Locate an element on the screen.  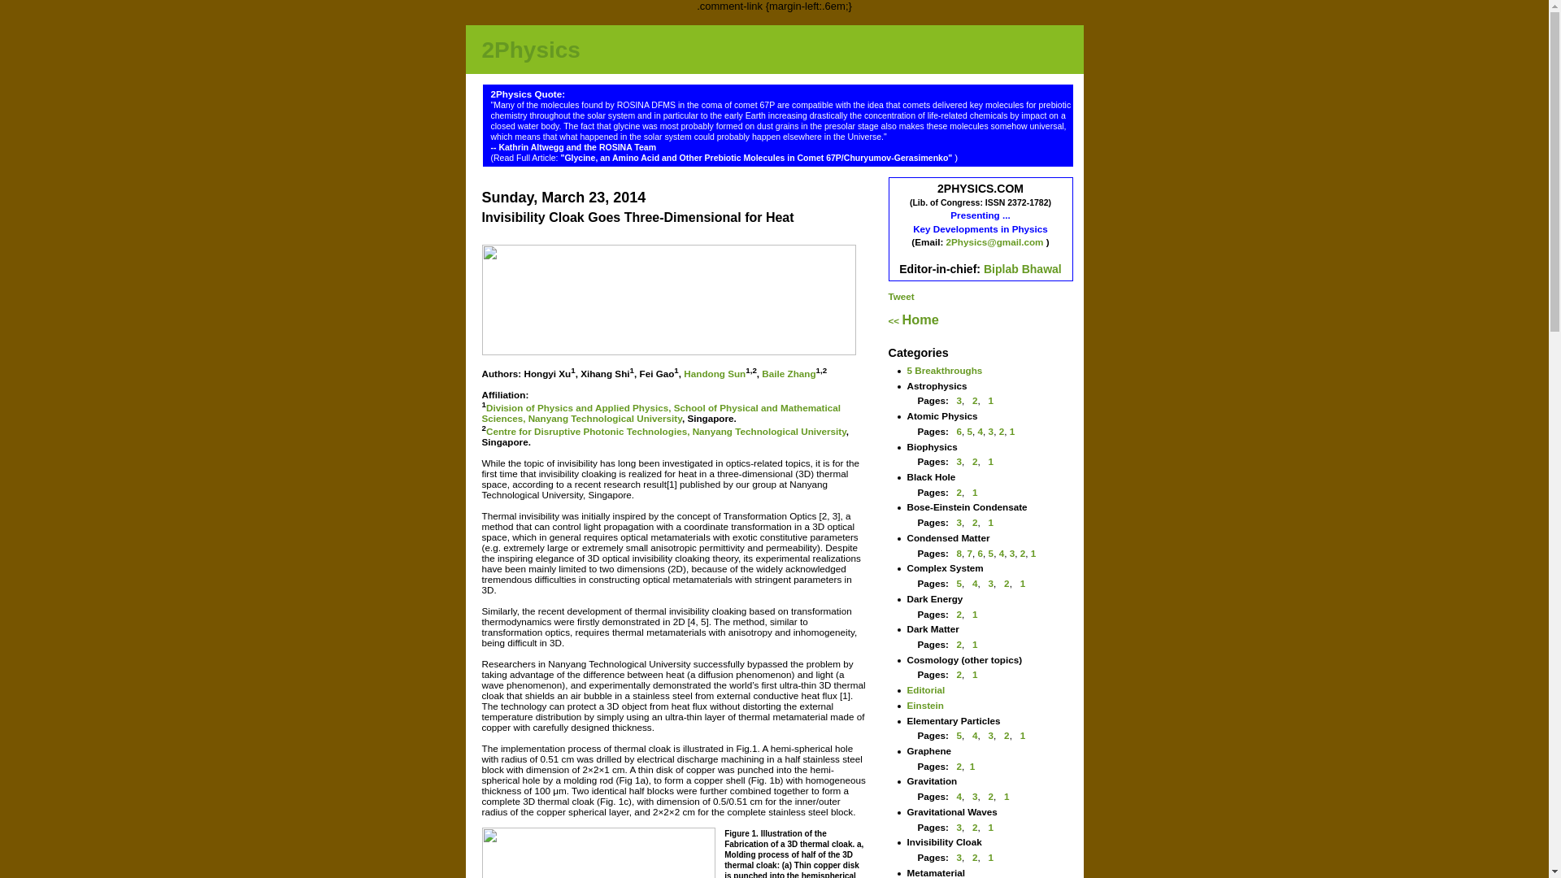
'Biplab Bhawal' is located at coordinates (982, 268).